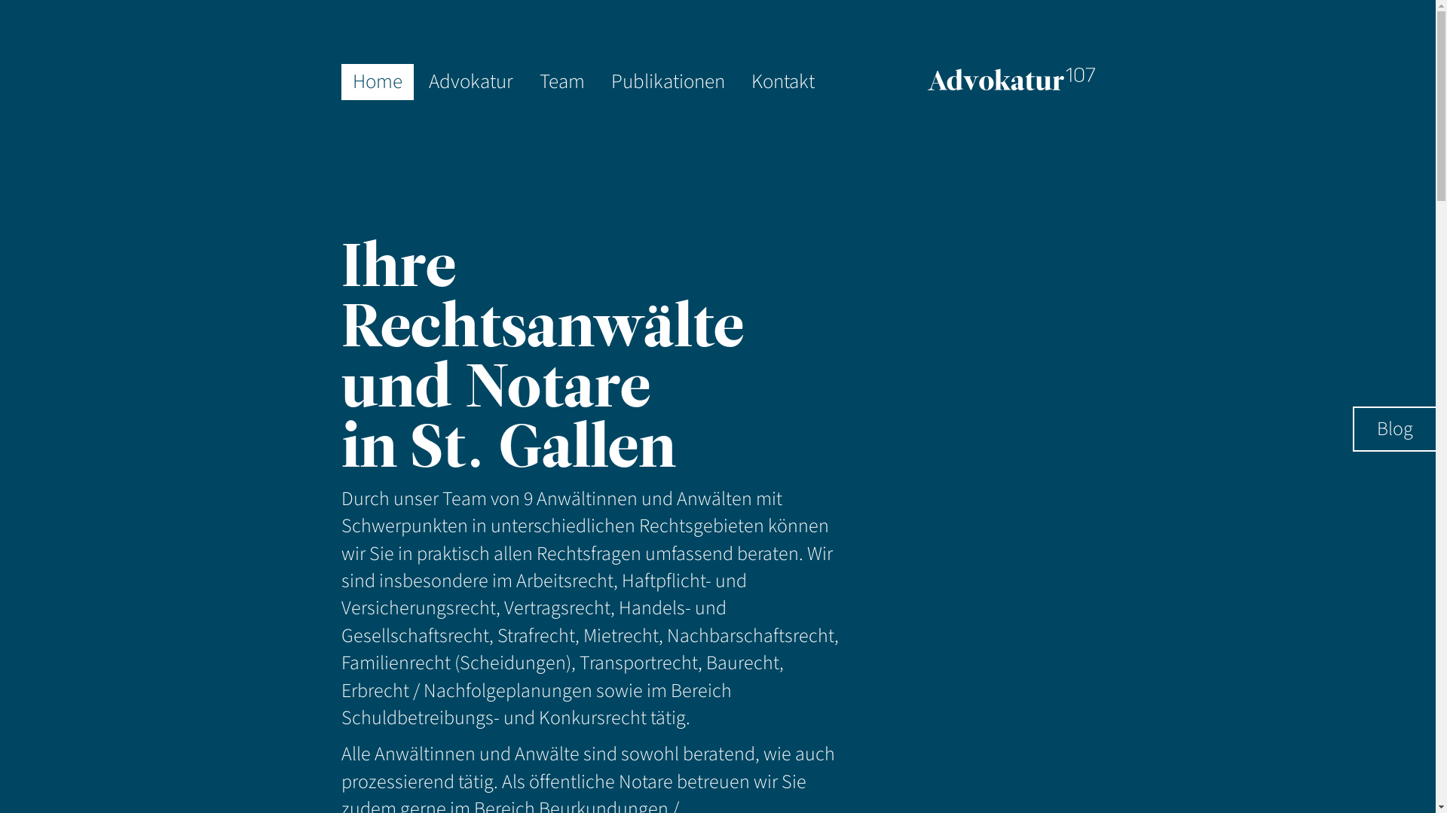 Image resolution: width=1447 pixels, height=813 pixels. I want to click on 'Blog', so click(1394, 429).